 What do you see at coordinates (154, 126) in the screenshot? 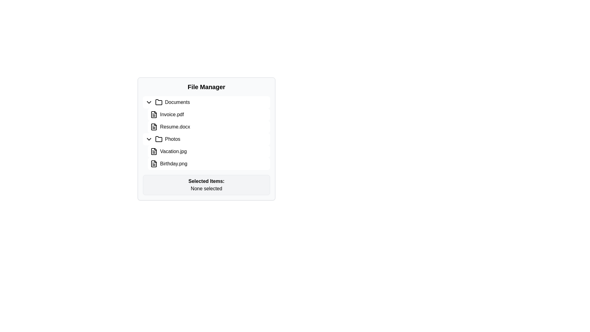
I see `the document icon represented by a rectangular sheet with a folded corner, located at the top-left position of the component` at bounding box center [154, 126].